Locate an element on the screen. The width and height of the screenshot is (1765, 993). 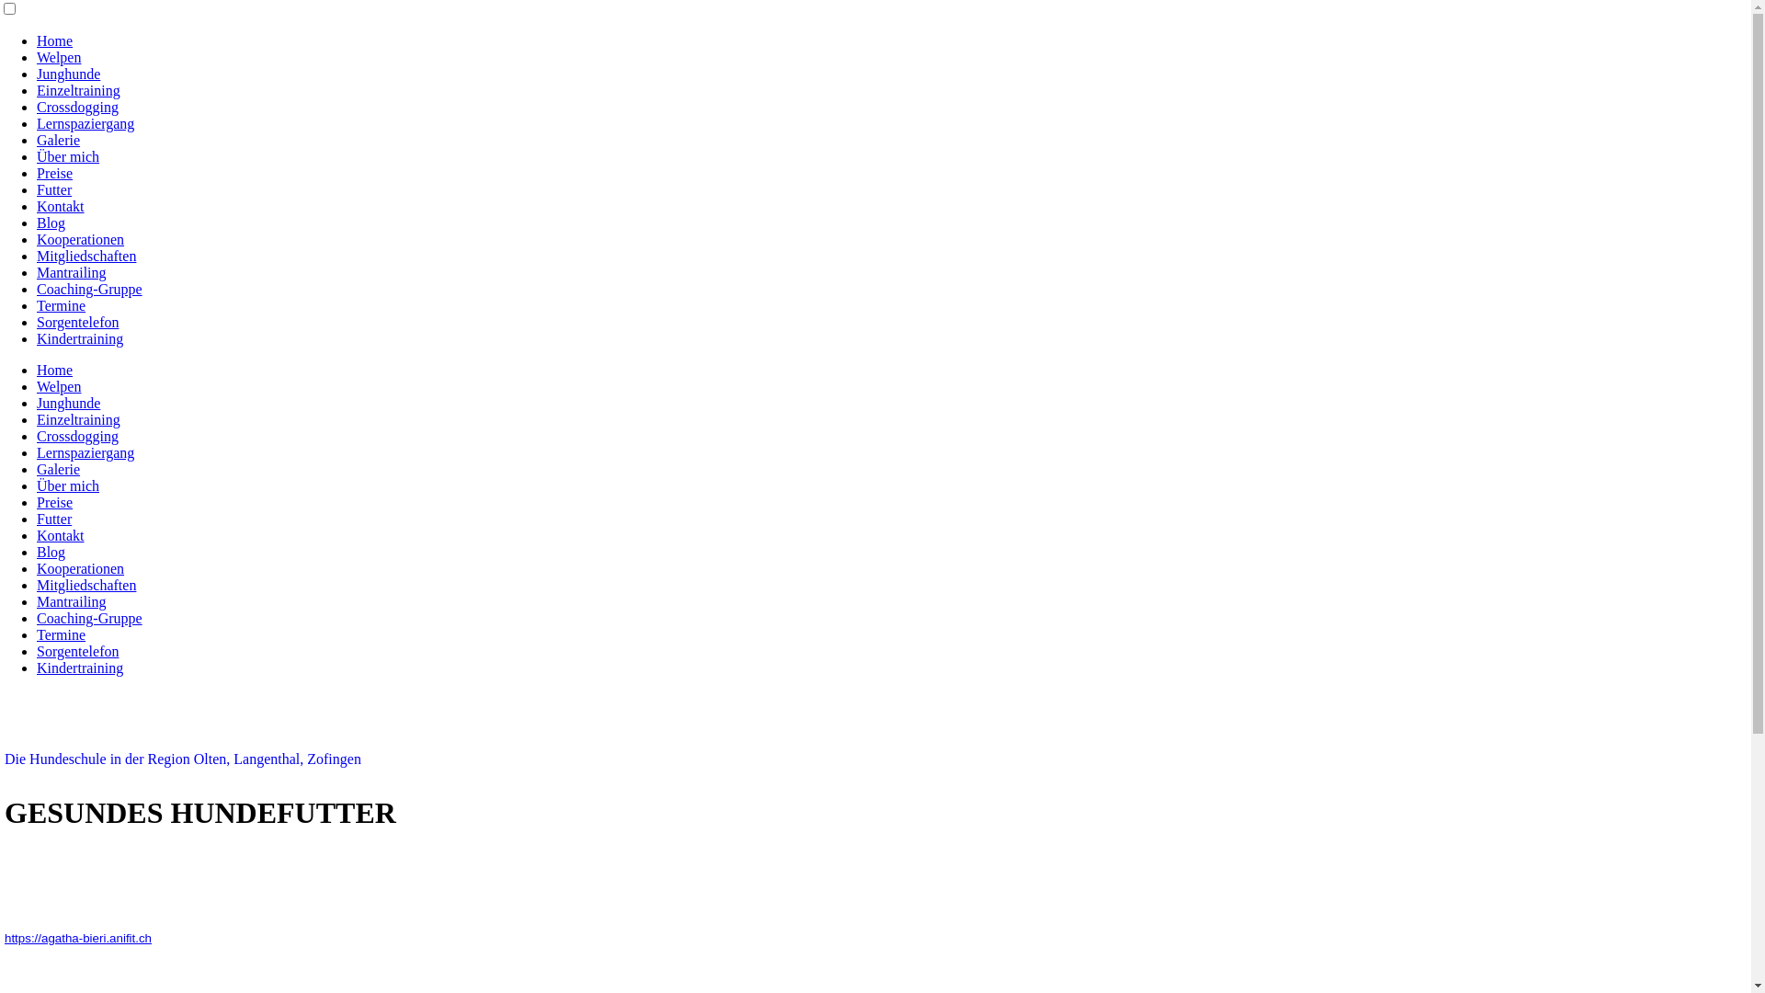
'Kooperationen' is located at coordinates (79, 567).